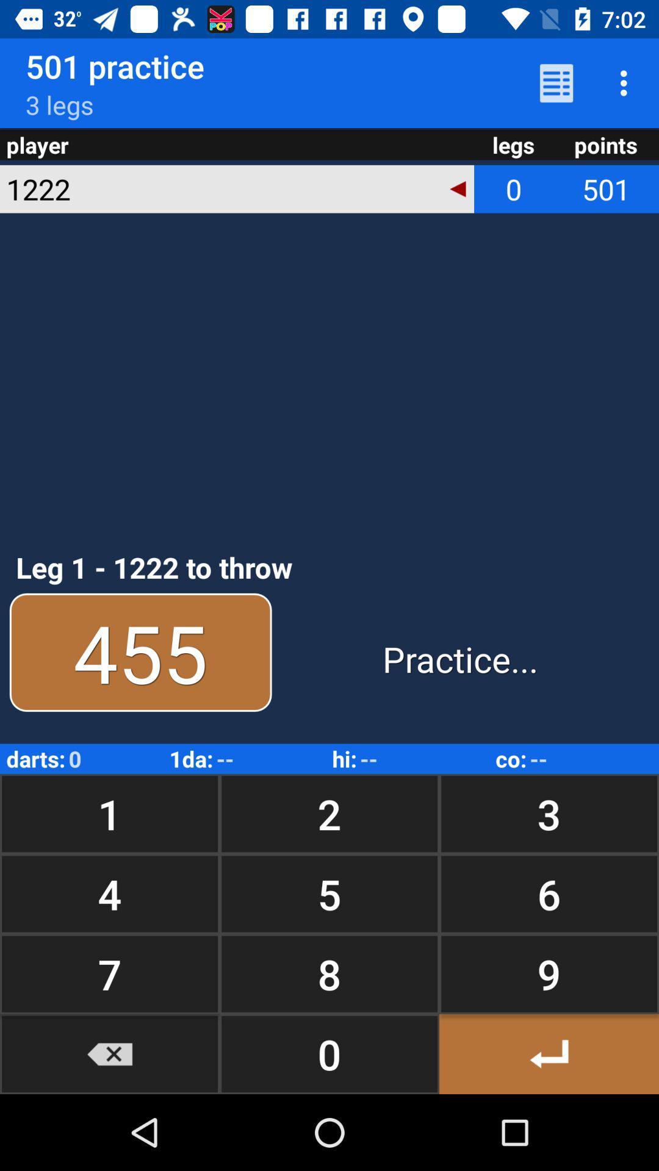 This screenshot has width=659, height=1171. I want to click on the icon to the right of the 1 item, so click(329, 893).